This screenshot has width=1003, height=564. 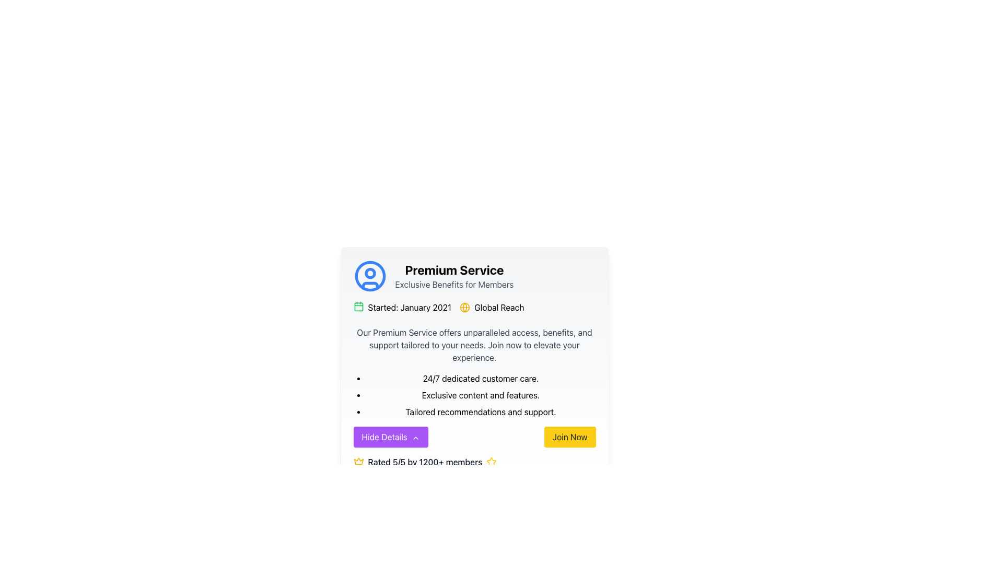 What do you see at coordinates (569, 437) in the screenshot?
I see `the 'Join Now' button located at the bottom-right corner of the 'Premium Service' section` at bounding box center [569, 437].